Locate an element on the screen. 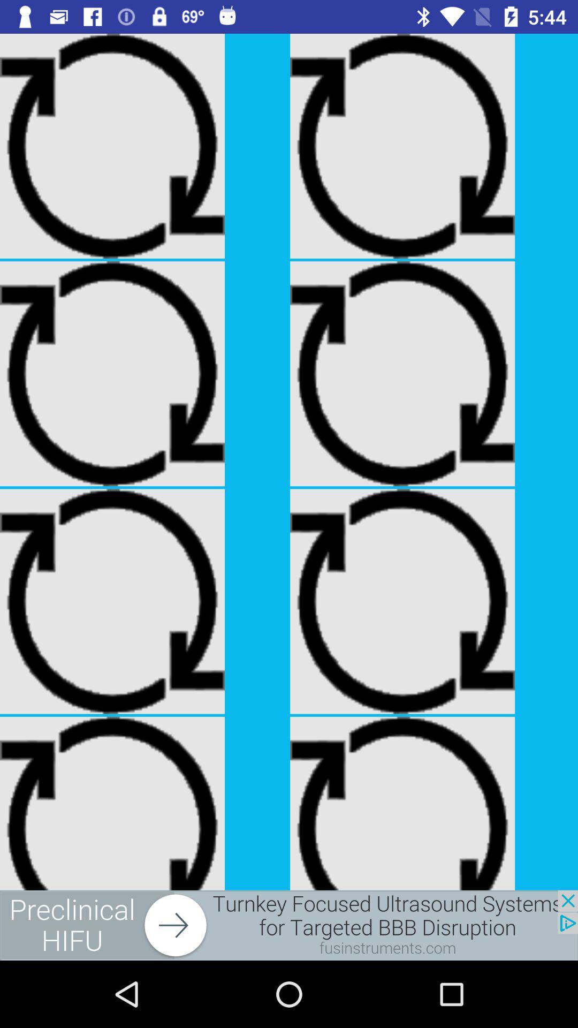  search google is located at coordinates (289, 925).